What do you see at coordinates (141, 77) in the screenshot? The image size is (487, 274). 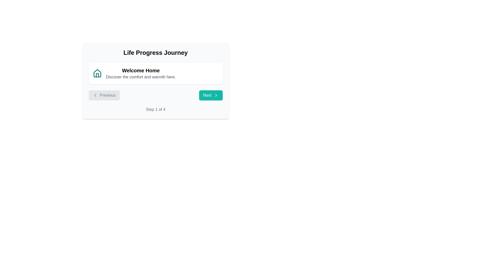 I see `text content of the Text block element displaying 'Discover the comfort and warmth here.' which is located directly below the heading 'Welcome Home' in a card-like section` at bounding box center [141, 77].